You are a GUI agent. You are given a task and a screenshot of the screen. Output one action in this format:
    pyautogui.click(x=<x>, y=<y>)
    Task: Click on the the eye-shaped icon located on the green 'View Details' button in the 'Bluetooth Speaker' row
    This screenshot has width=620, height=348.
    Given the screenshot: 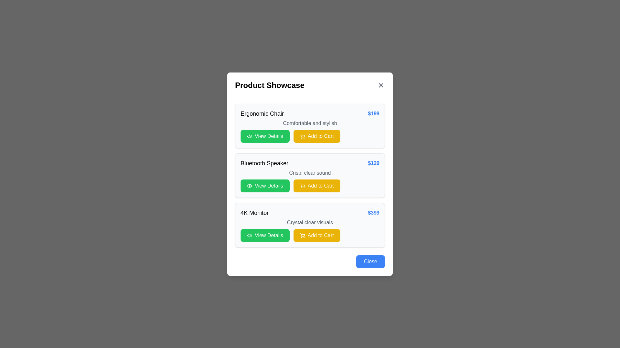 What is the action you would take?
    pyautogui.click(x=249, y=186)
    